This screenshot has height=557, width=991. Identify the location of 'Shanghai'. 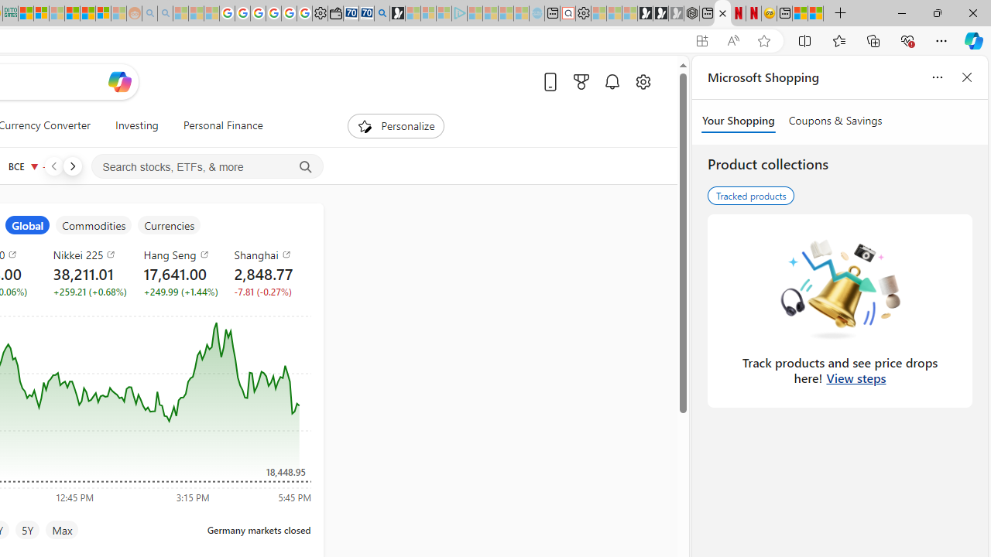
(269, 254).